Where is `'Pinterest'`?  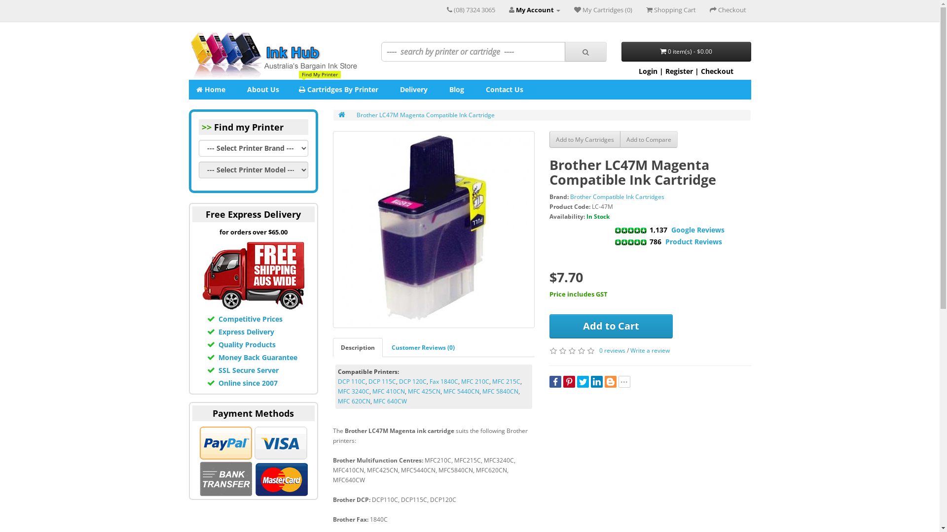 'Pinterest' is located at coordinates (569, 381).